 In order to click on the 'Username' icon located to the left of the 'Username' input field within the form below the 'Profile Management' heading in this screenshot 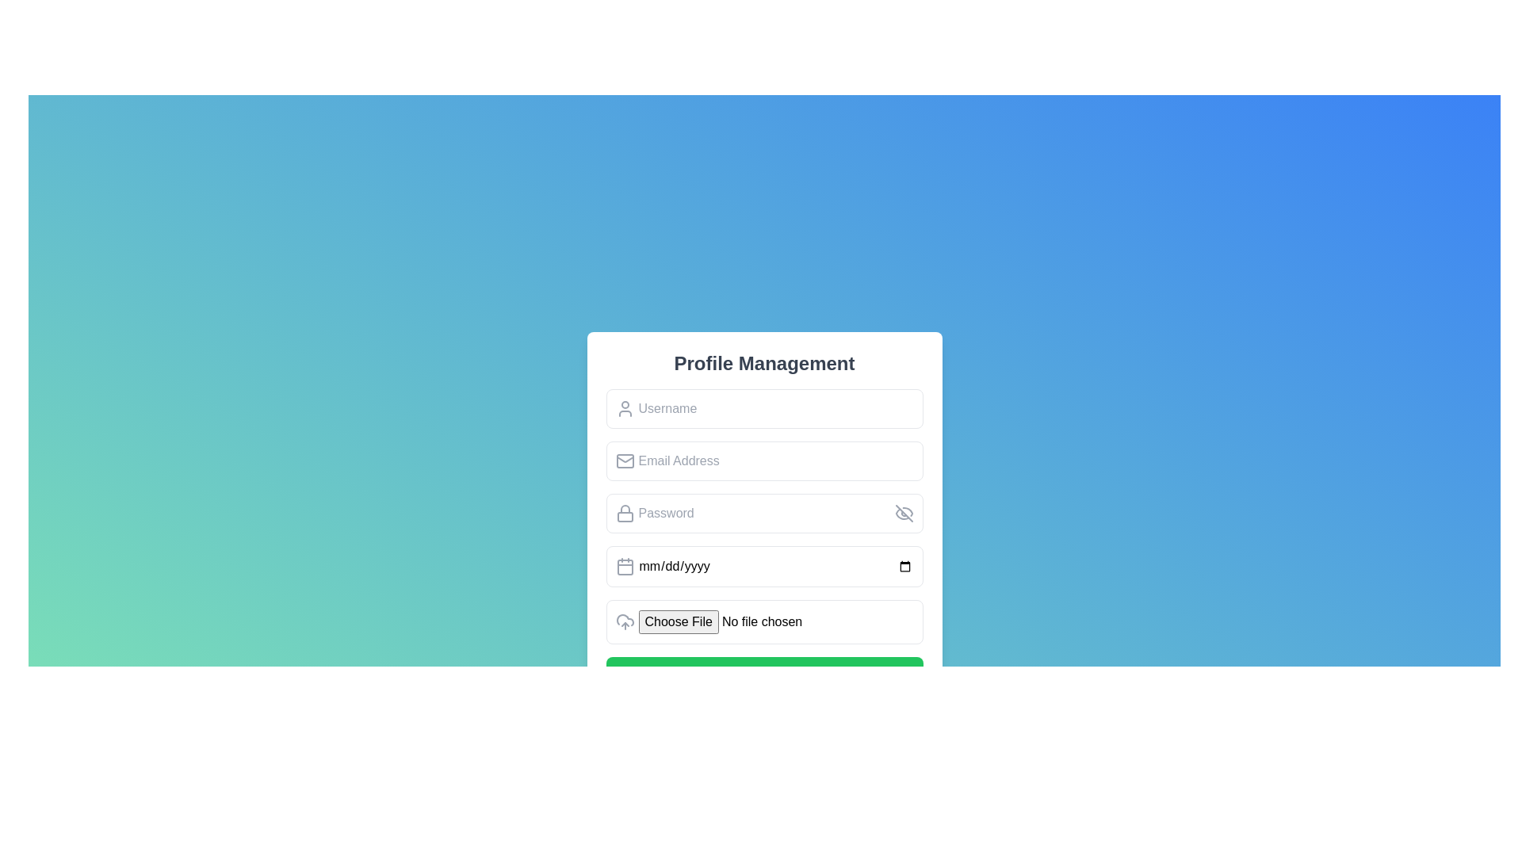, I will do `click(624, 408)`.